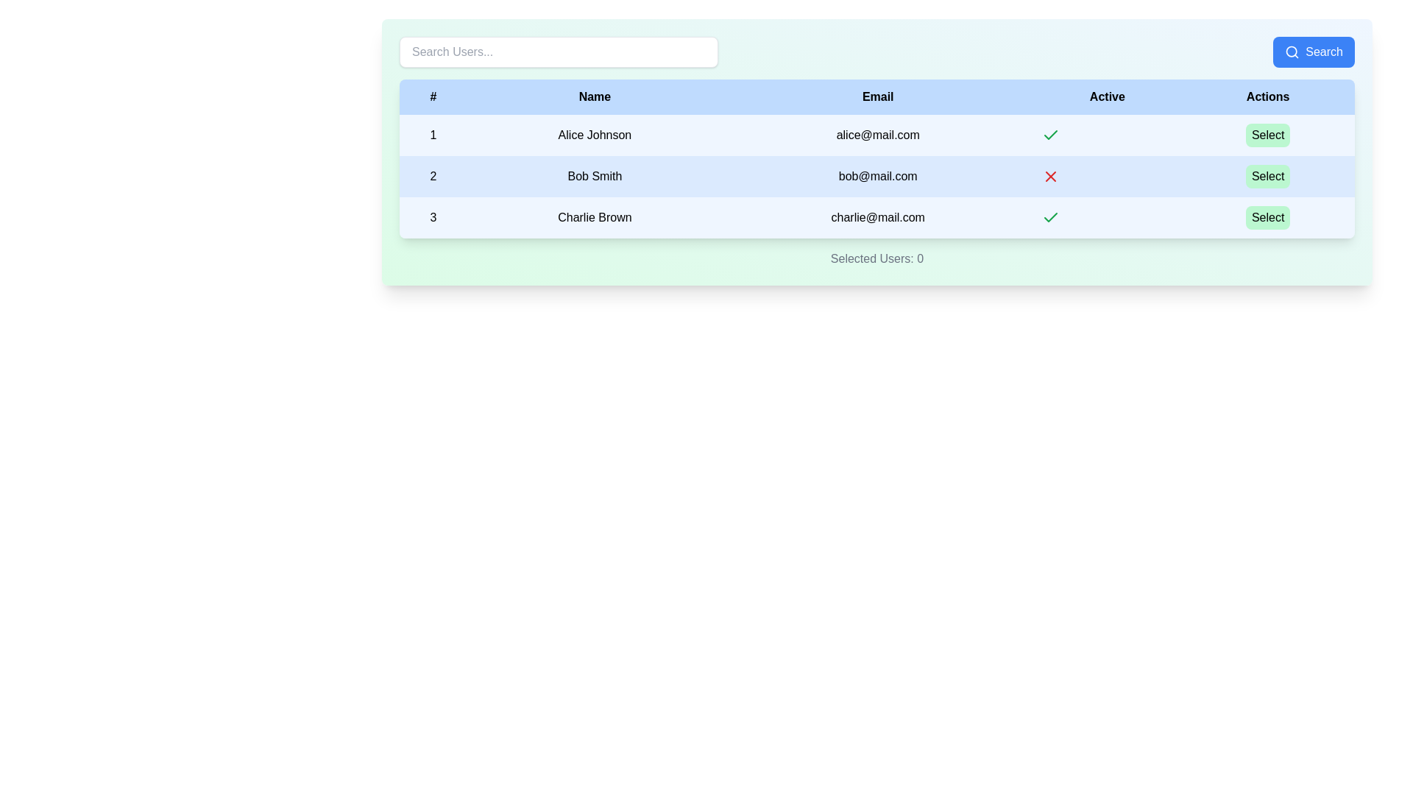 The image size is (1413, 795). I want to click on the static text field displaying the email 'charlie@mail.com', located in the third column of the third row in the table structure, so click(878, 218).